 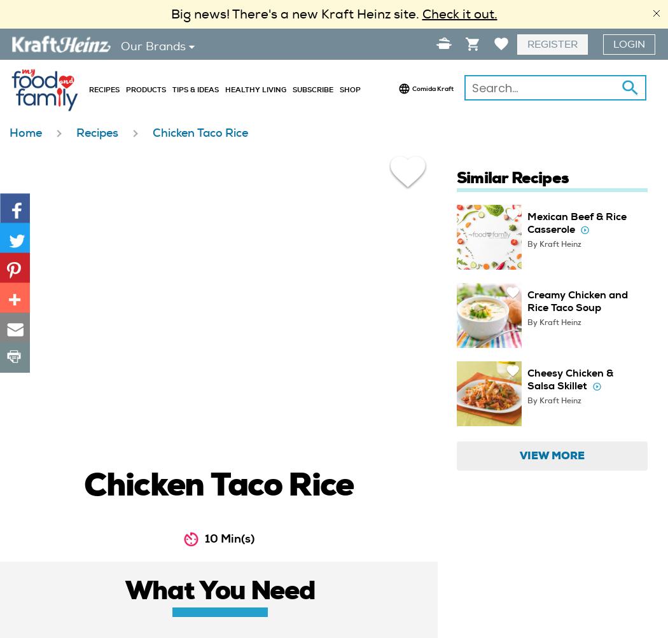 I want to click on 'Register', so click(x=552, y=45).